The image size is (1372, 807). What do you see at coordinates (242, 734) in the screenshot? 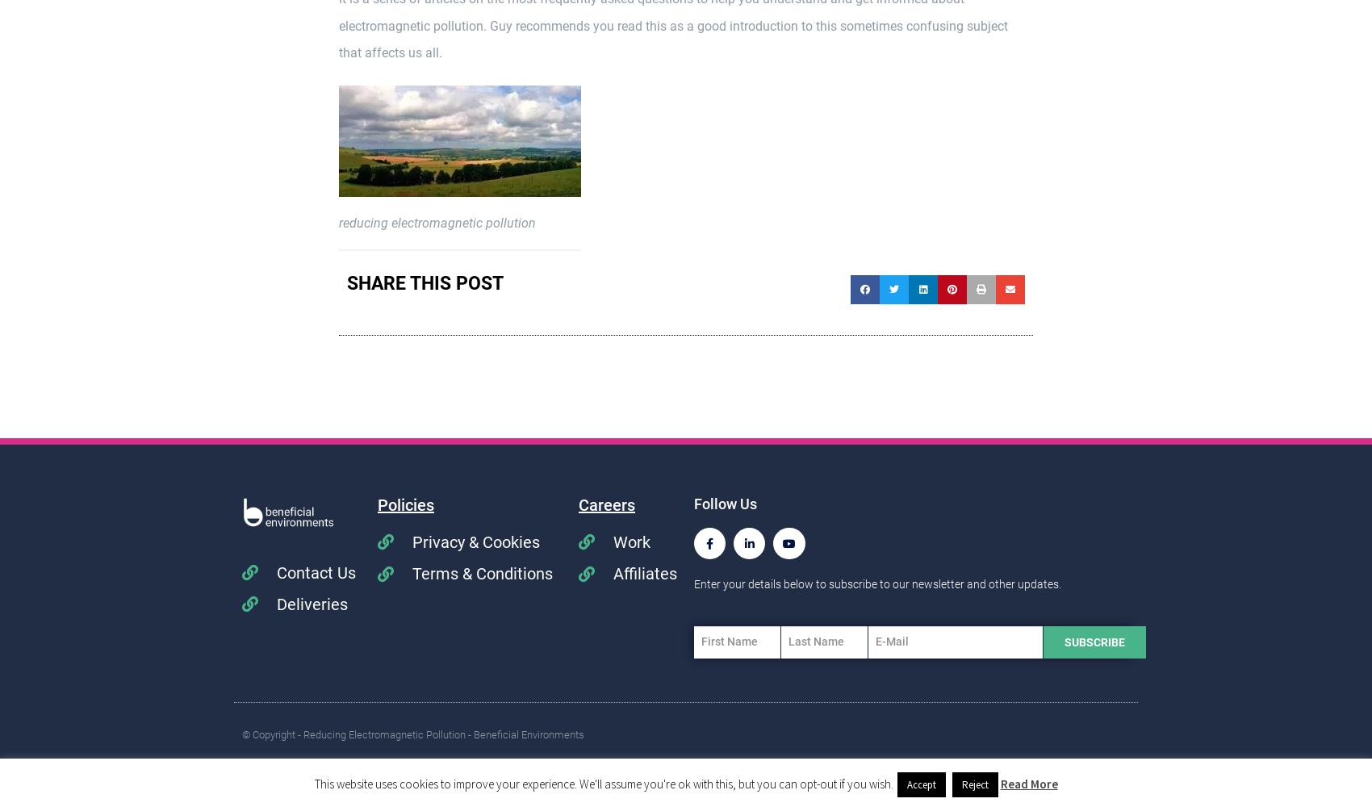
I see `'© Copyright - Reducing Electromagnetic Pollution - Beneficial Environments'` at bounding box center [242, 734].